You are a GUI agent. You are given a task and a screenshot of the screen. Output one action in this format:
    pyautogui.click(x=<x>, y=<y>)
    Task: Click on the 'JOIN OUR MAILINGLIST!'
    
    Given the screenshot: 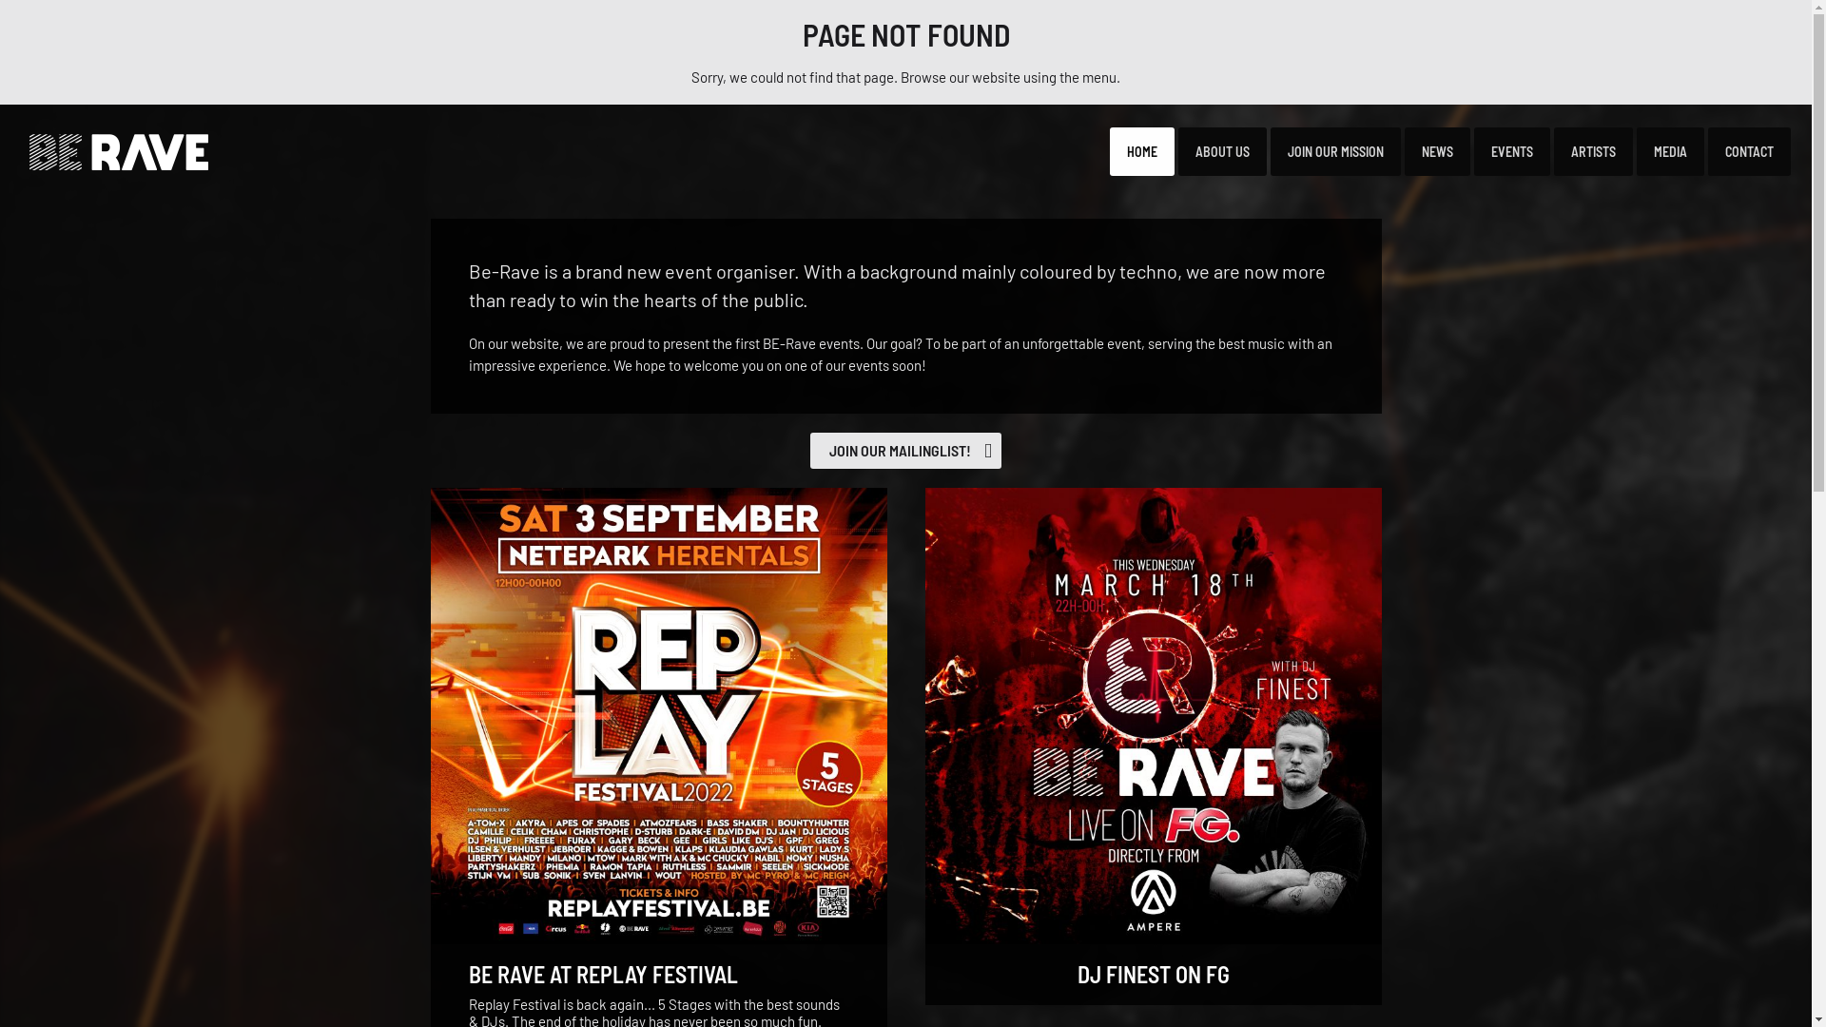 What is the action you would take?
    pyautogui.click(x=904, y=451)
    